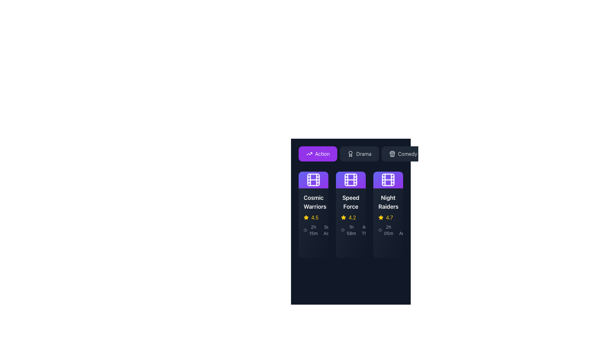 Image resolution: width=608 pixels, height=342 pixels. I want to click on the visual indicator located directly below the 'Speed Force' card in the 'Cosmic Warriors' group, indicating its active state, so click(343, 246).